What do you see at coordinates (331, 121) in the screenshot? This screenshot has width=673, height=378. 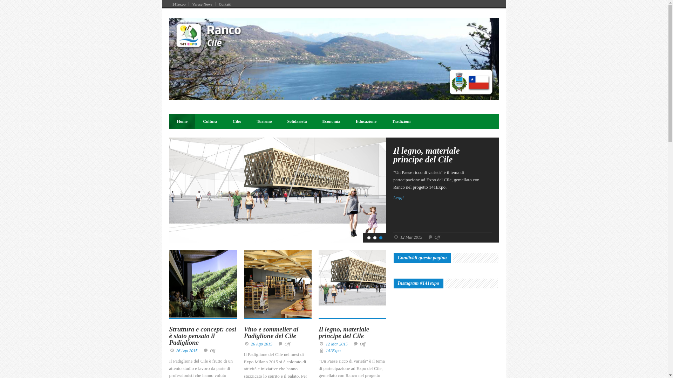 I see `'Economia'` at bounding box center [331, 121].